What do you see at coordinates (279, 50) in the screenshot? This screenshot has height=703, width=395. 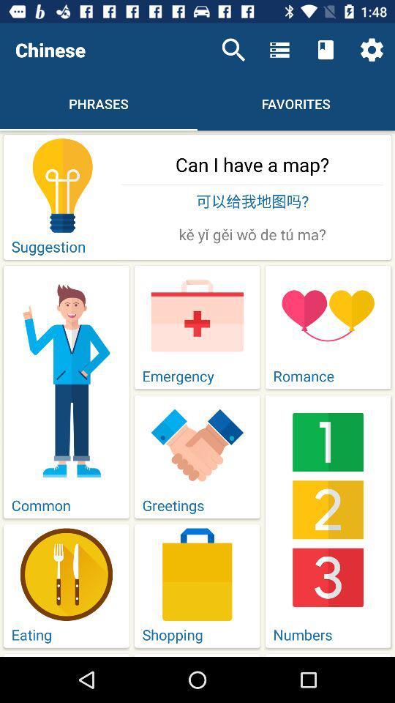 I see `the icon above the favorites` at bounding box center [279, 50].